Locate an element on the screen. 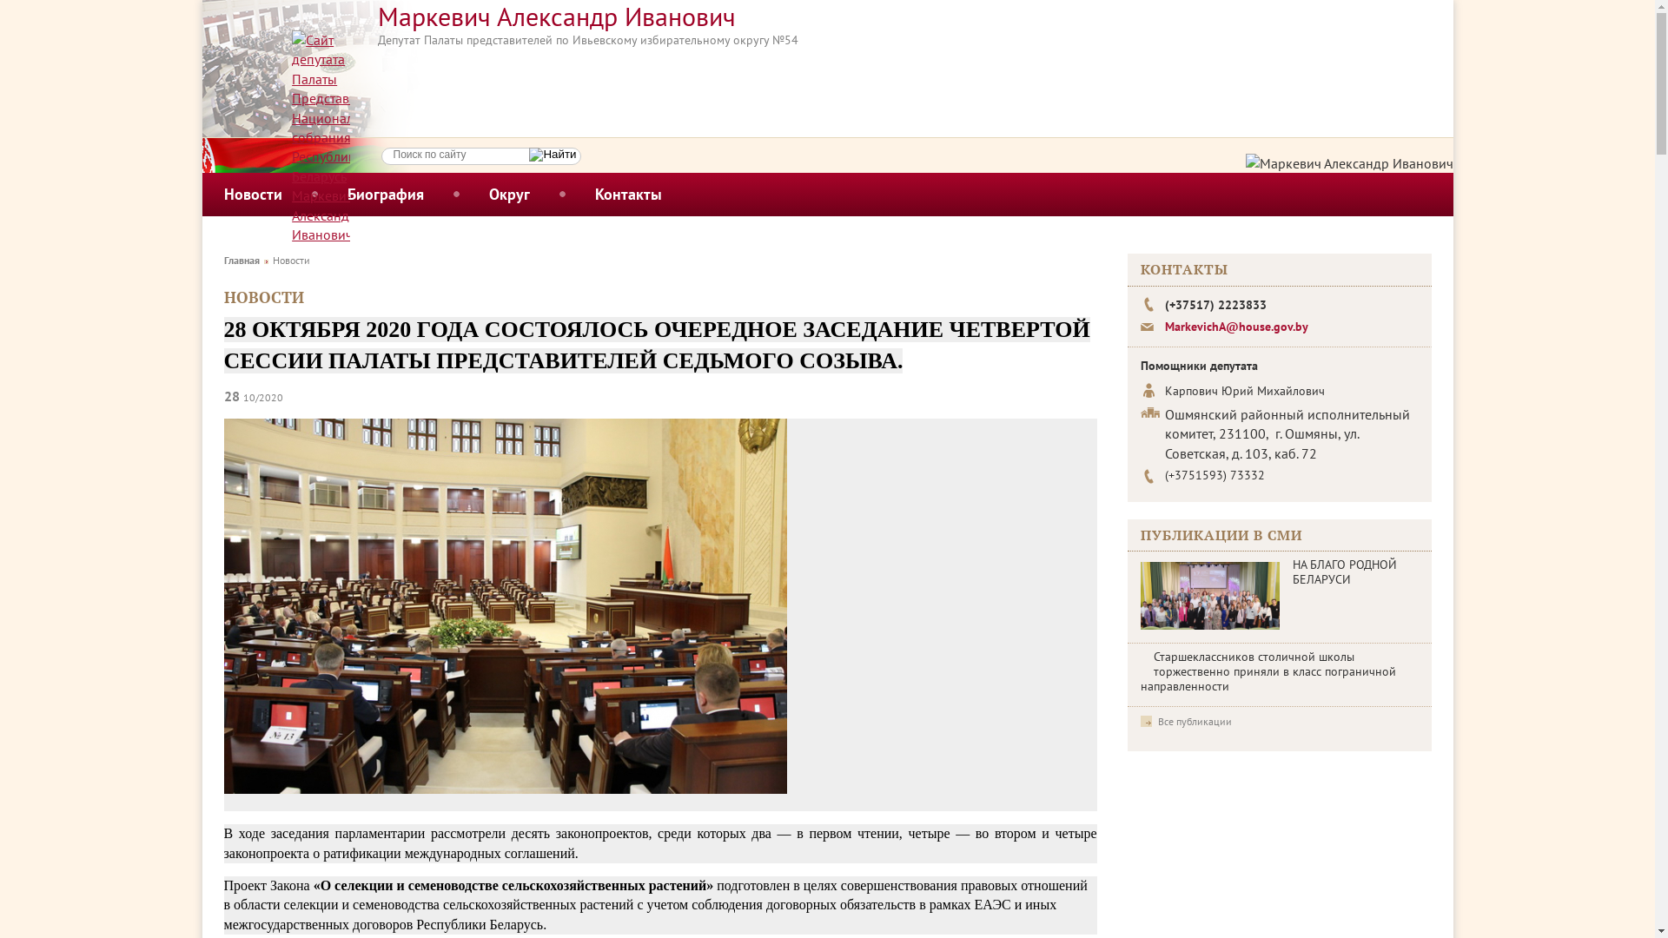  'MarkevichA@house.gov.by' is located at coordinates (1234, 326).